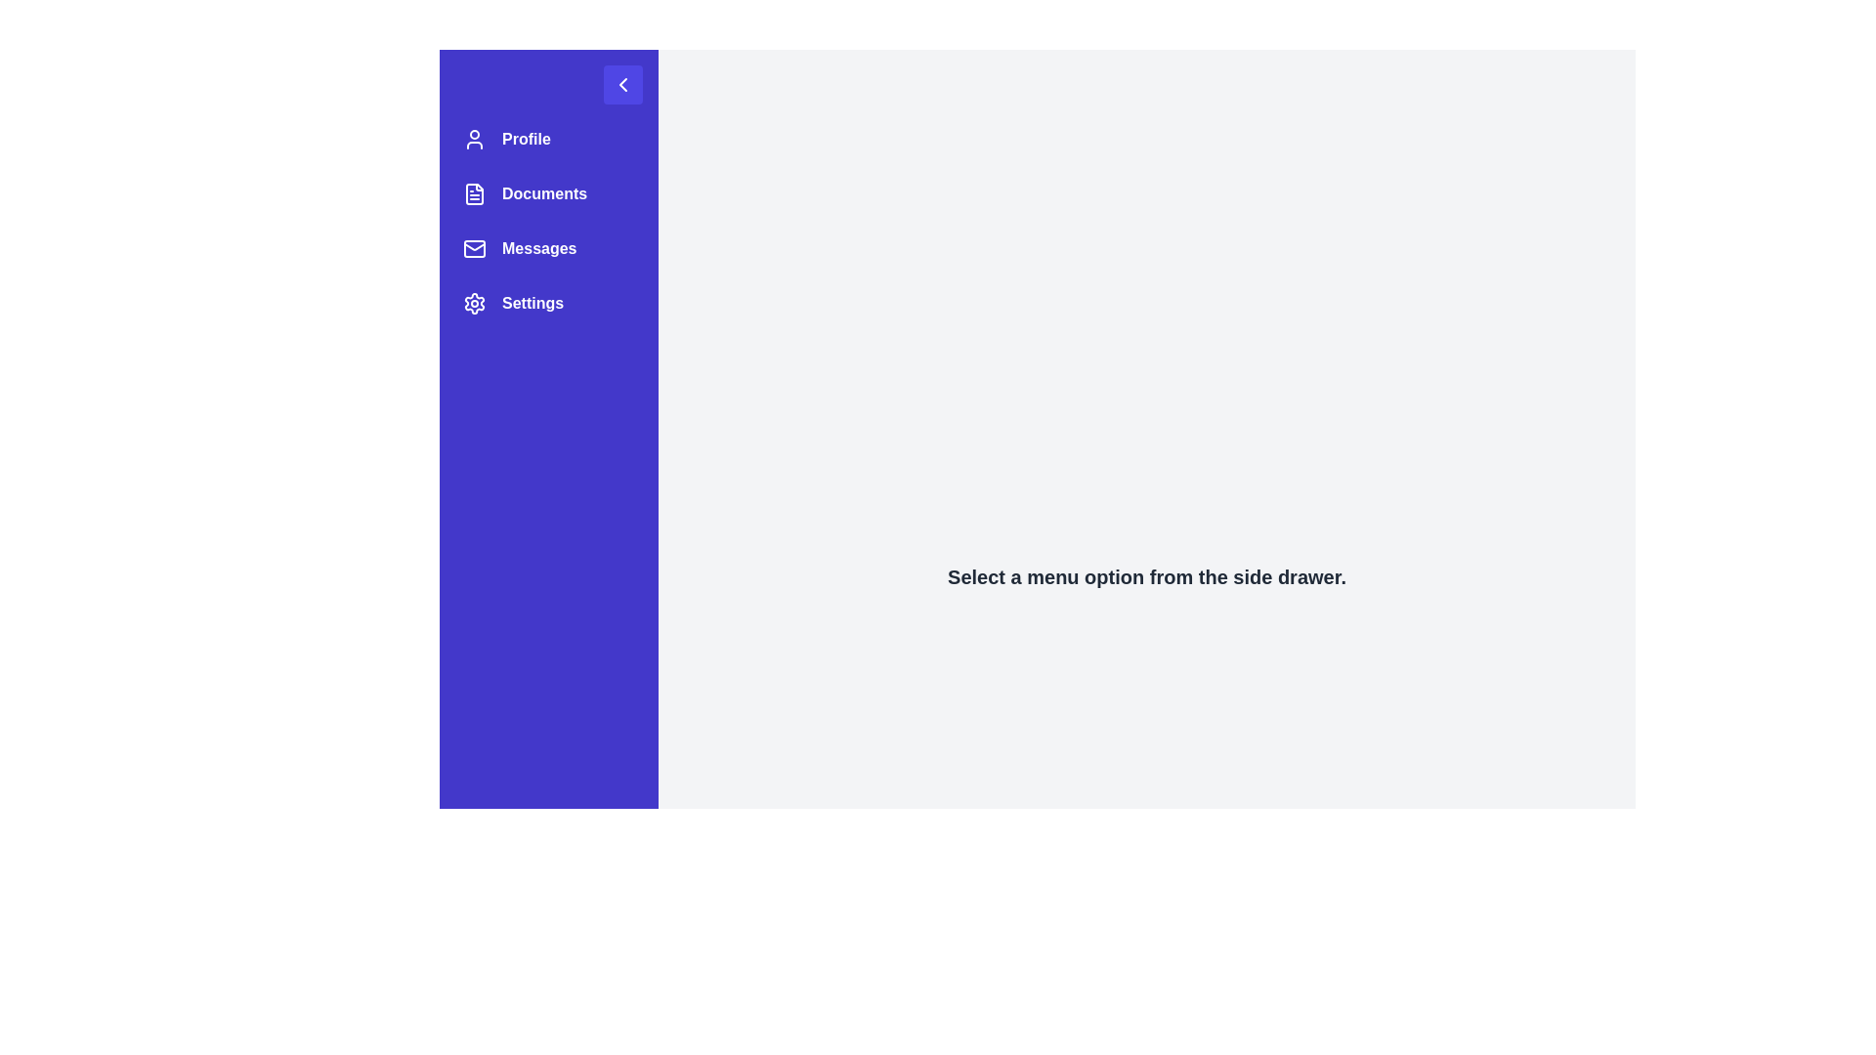 This screenshot has height=1055, width=1876. What do you see at coordinates (544, 194) in the screenshot?
I see `the menu item labeled 'Documents' in the vertical navigation sidebar, positioned between 'Profile' and 'Messages'` at bounding box center [544, 194].